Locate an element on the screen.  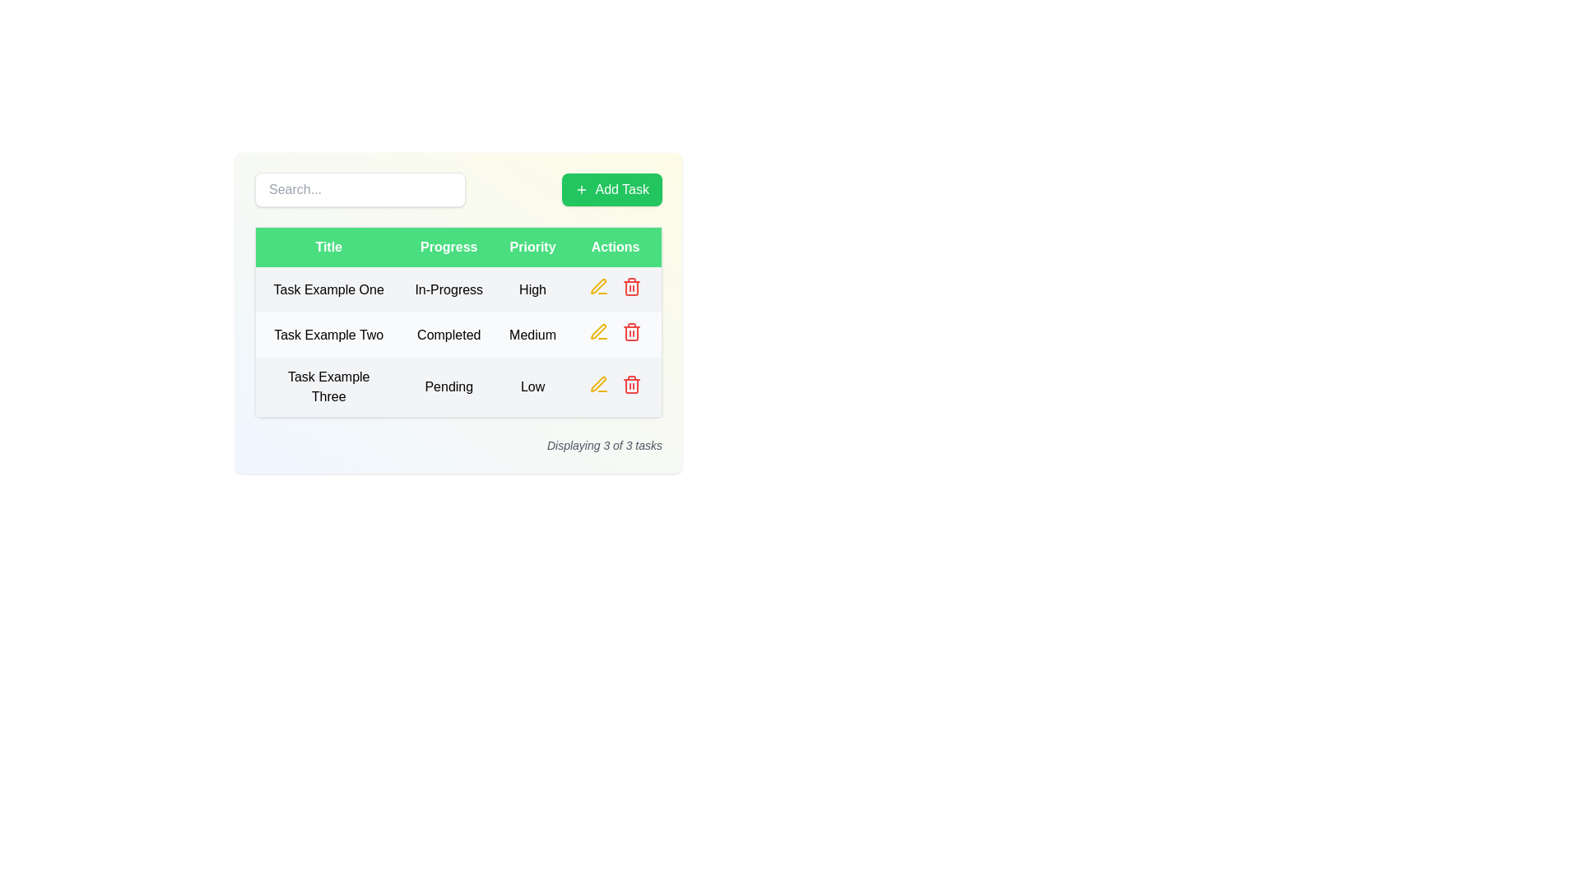
the third row in the table, which provides detailed information about a specific task, including its title, progress status, and priority level is located at coordinates (458, 387).